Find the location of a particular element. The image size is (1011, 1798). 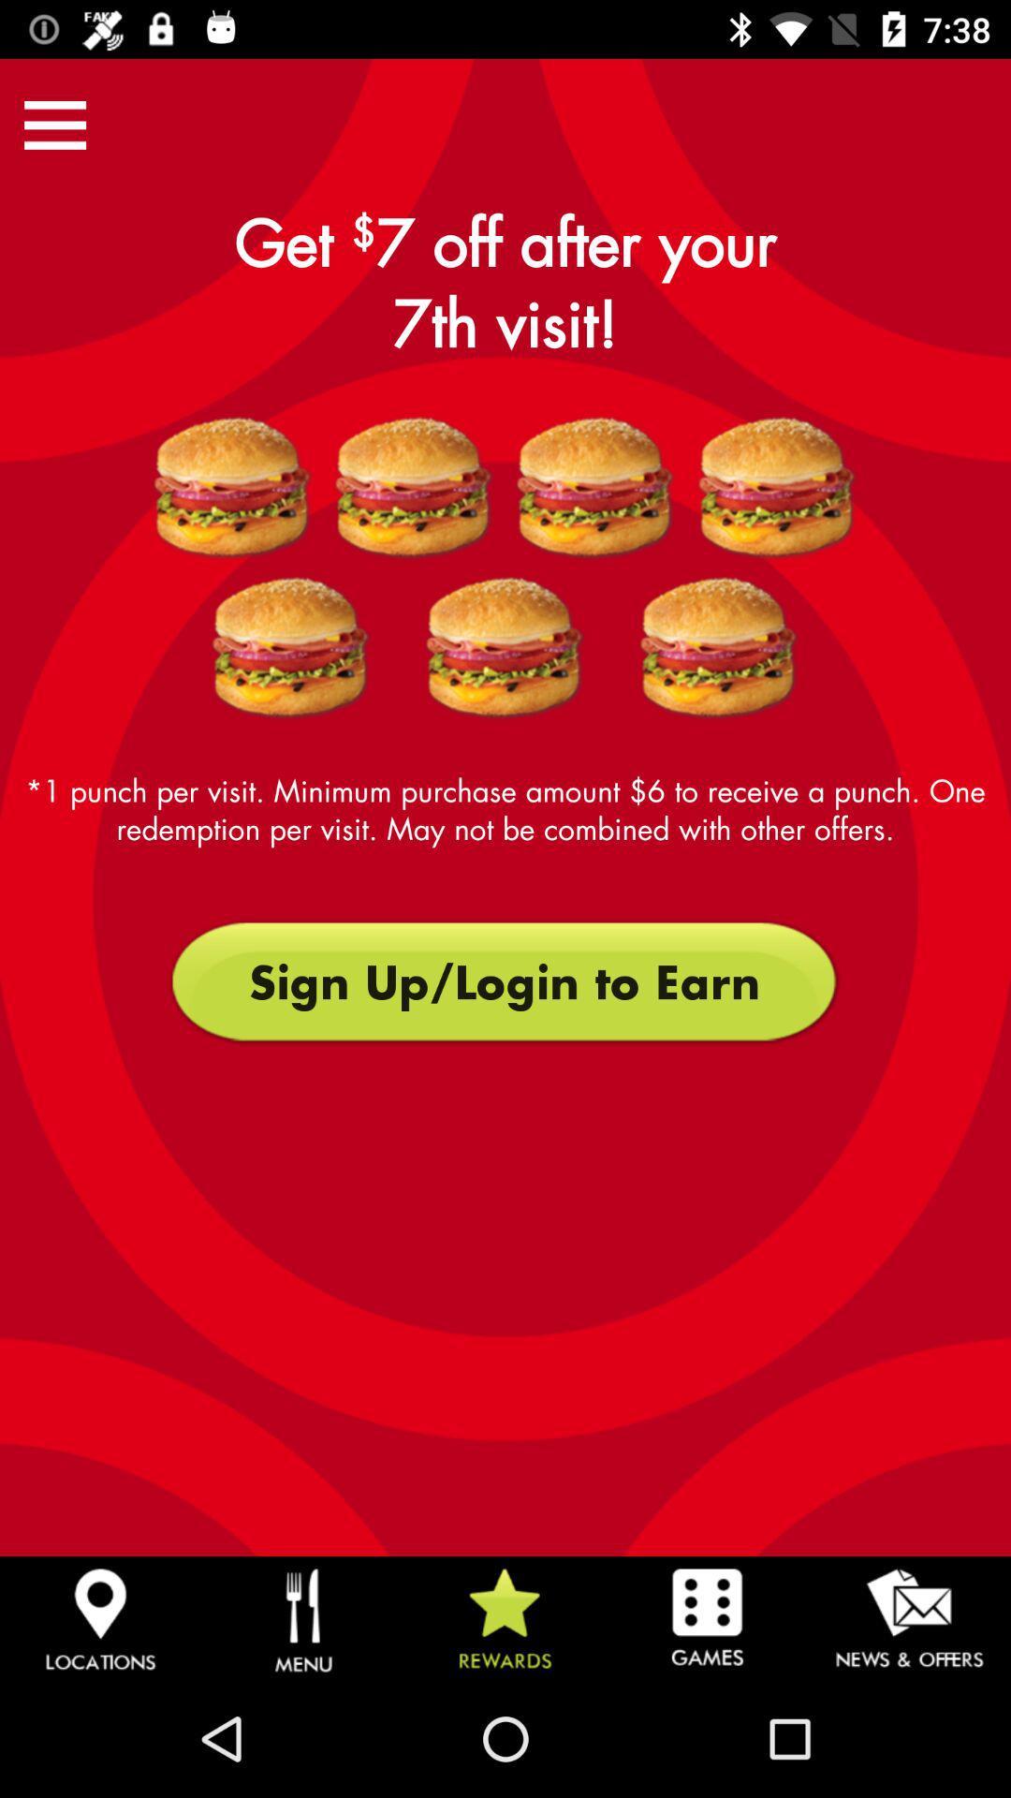

the menu icon is located at coordinates (54, 124).